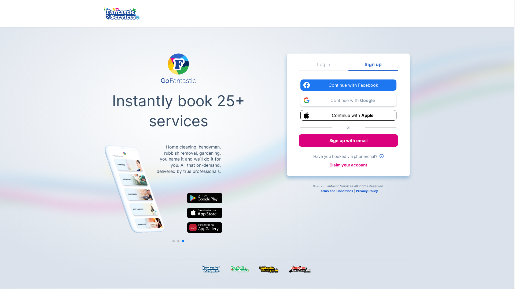  What do you see at coordinates (348, 85) in the screenshot?
I see `'Continue with Facebook'` at bounding box center [348, 85].